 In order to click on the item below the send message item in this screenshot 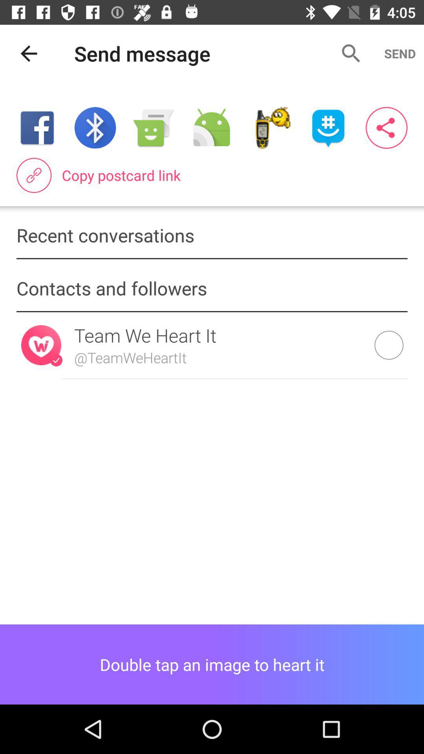, I will do `click(211, 128)`.